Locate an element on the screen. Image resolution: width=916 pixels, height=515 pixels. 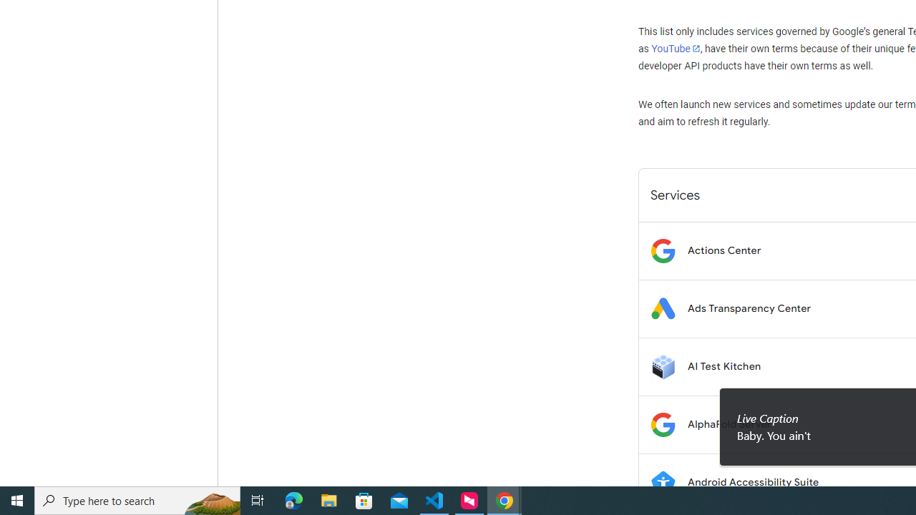
'Logo for Android Accessibility Suite' is located at coordinates (662, 482).